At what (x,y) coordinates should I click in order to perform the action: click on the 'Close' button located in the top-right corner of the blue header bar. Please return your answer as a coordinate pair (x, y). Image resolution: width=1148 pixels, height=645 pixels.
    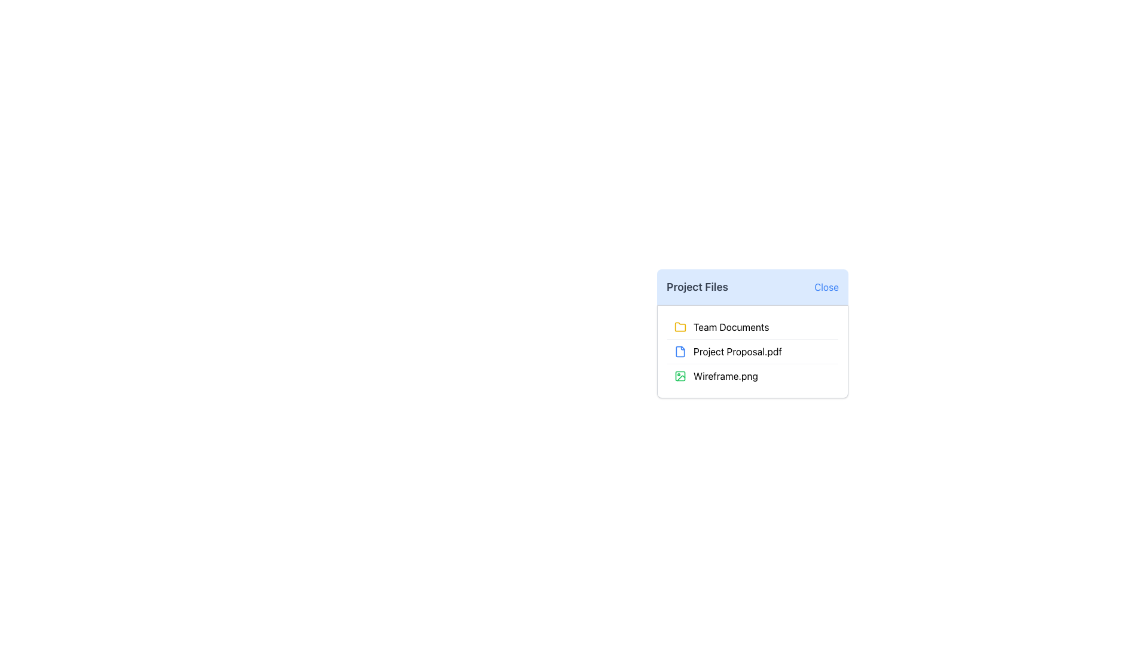
    Looking at the image, I should click on (826, 287).